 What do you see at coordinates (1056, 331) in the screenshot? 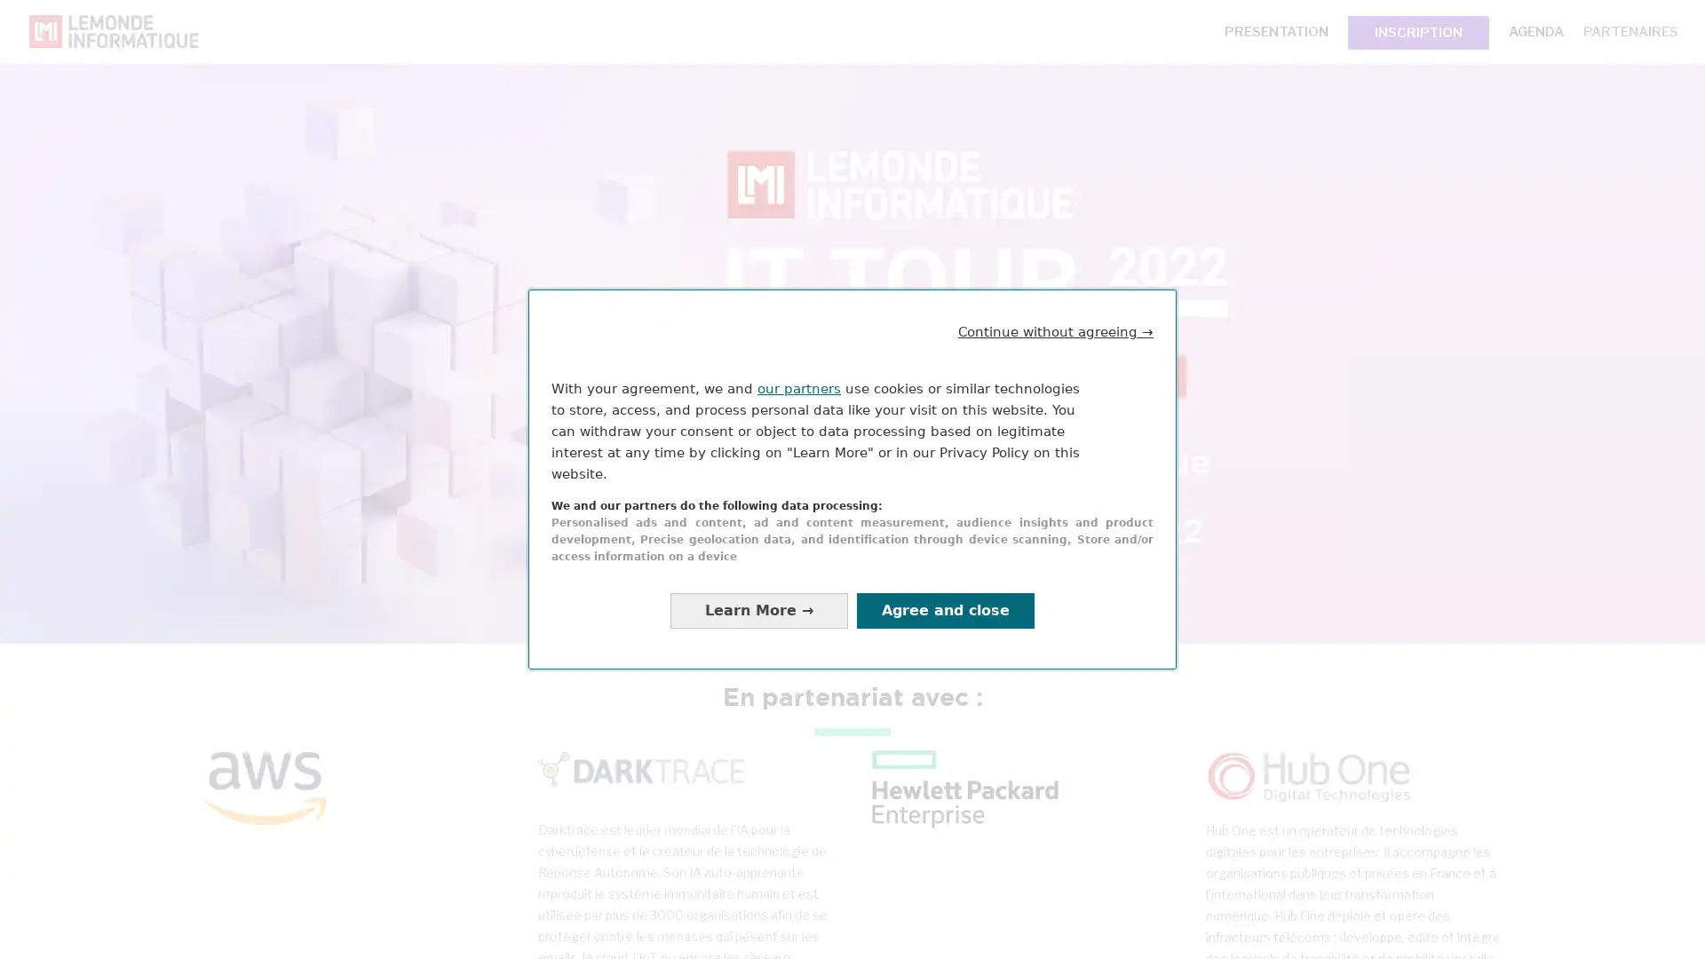
I see `Continue without agreeing` at bounding box center [1056, 331].